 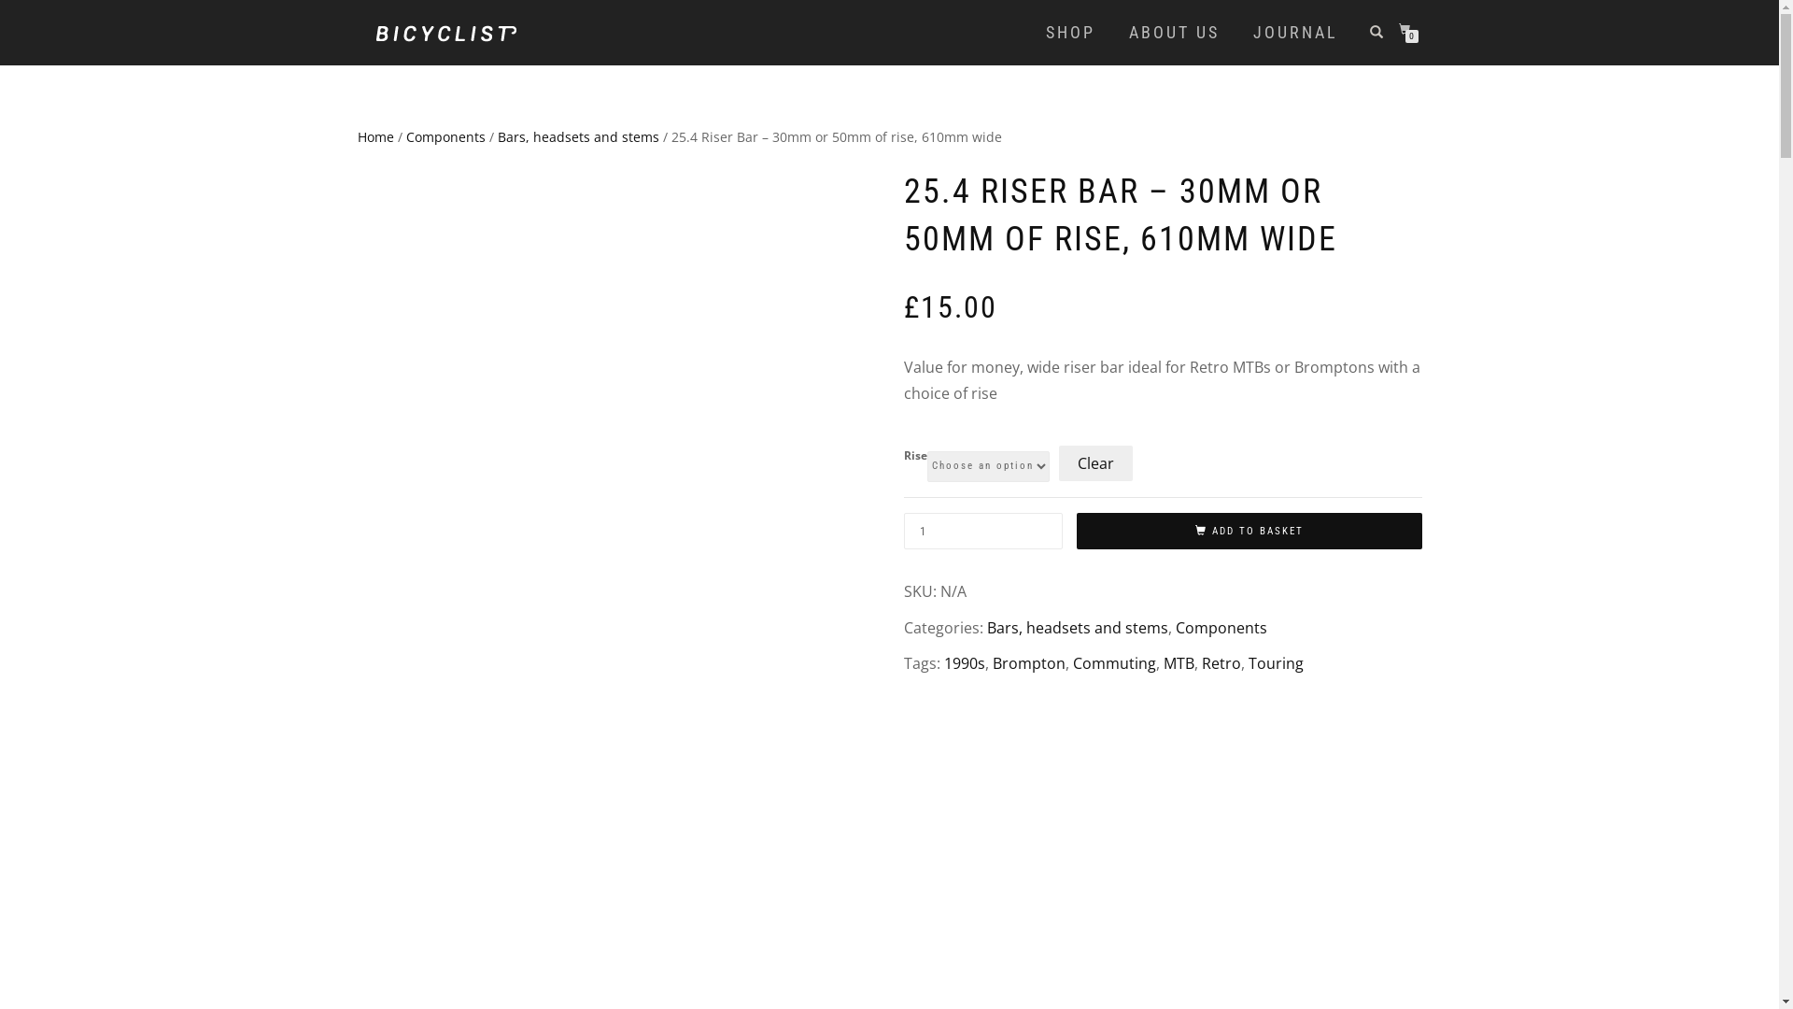 I want to click on 'SHOP', so click(x=1069, y=32).